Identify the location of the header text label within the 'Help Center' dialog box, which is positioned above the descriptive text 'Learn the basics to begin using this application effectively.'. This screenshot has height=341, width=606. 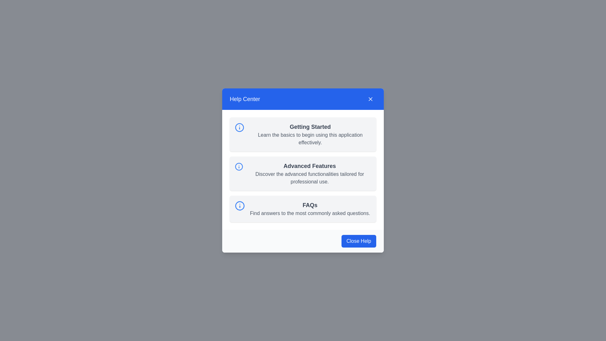
(310, 127).